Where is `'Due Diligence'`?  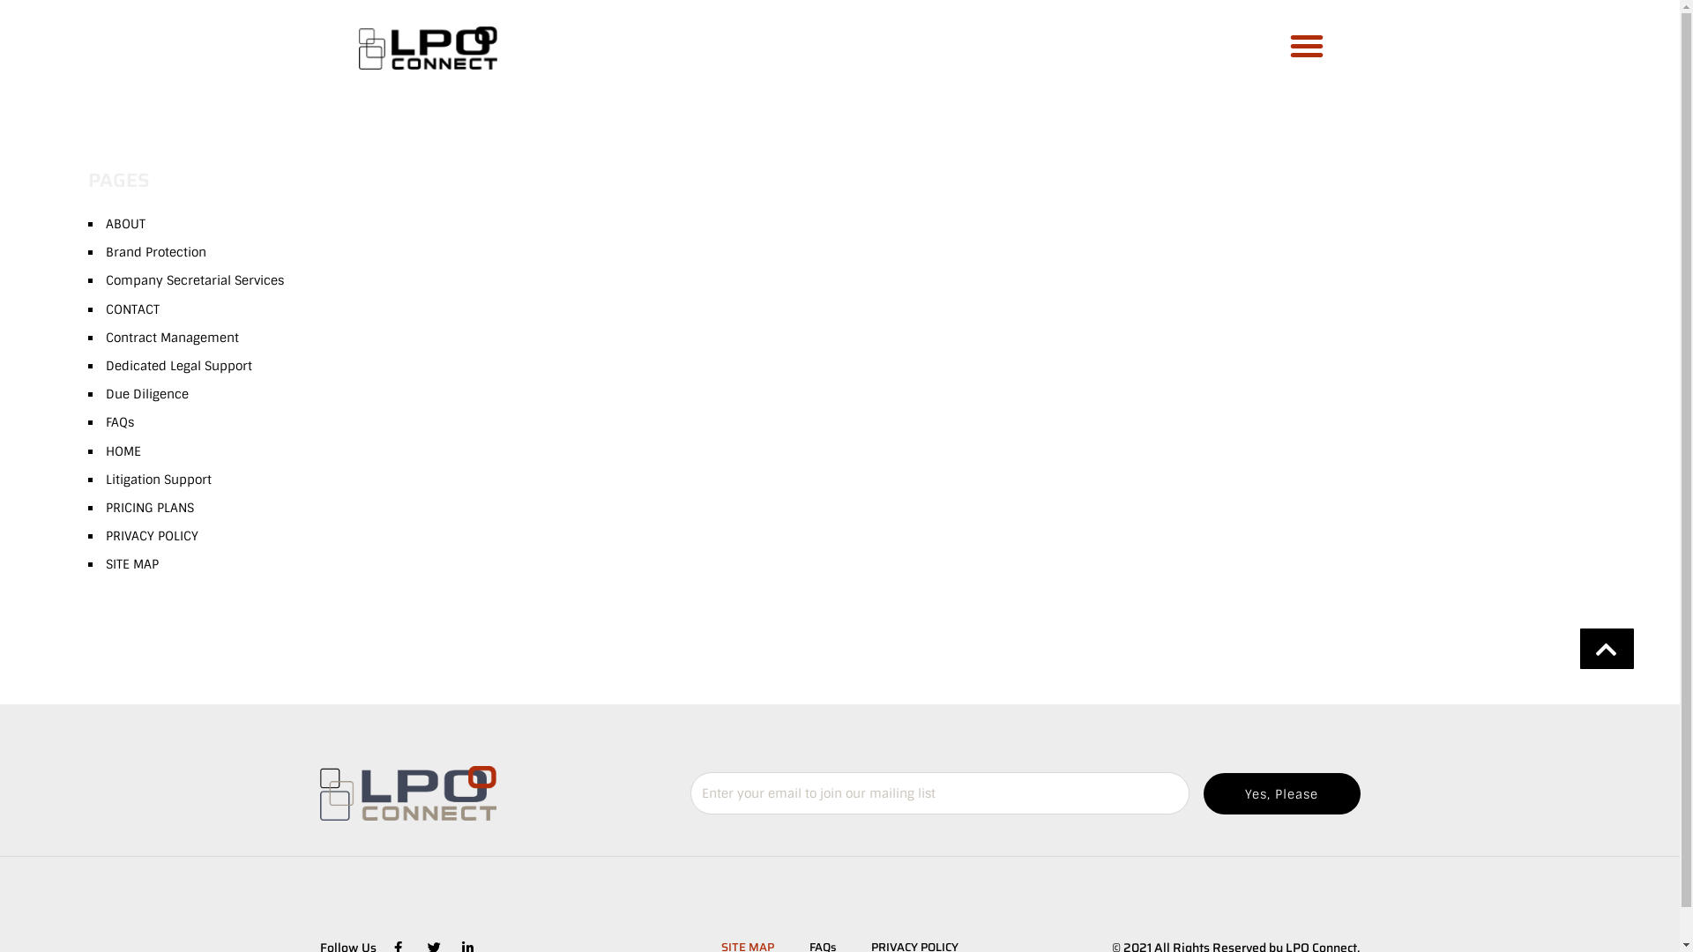 'Due Diligence' is located at coordinates (147, 393).